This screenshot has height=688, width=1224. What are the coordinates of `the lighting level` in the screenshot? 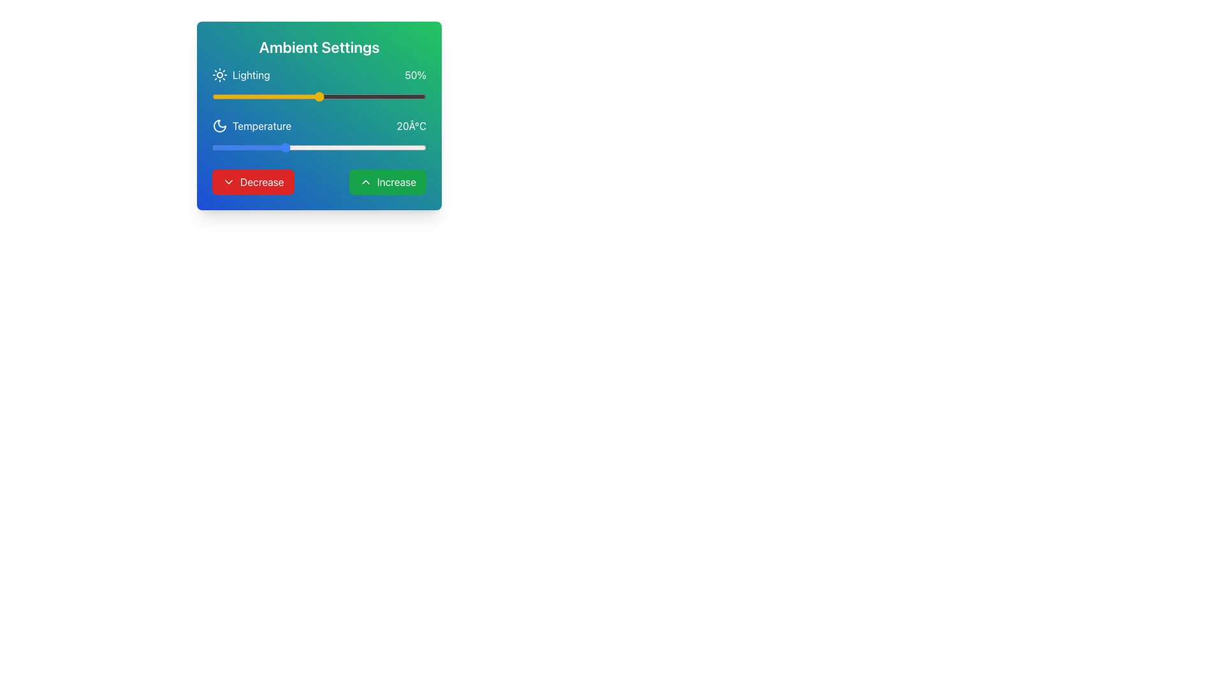 It's located at (310, 96).